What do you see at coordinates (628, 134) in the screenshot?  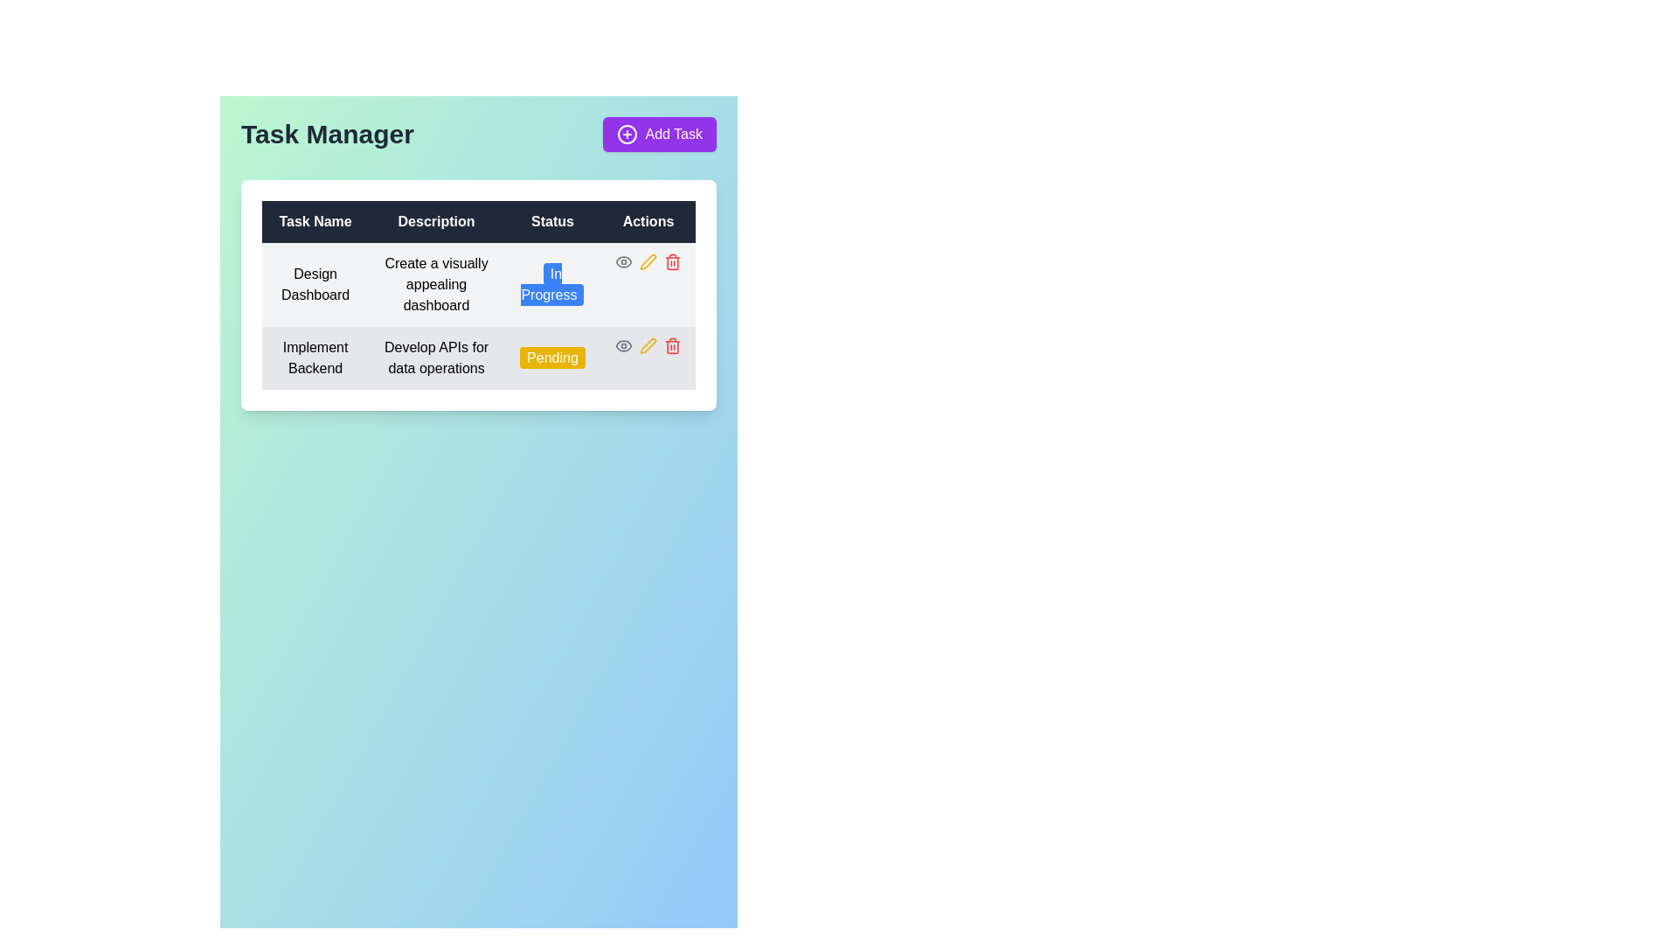 I see `the Circular SVG shape that serves as a visual marker within the 'Add Task' button located in the upper-right corner of the interface` at bounding box center [628, 134].